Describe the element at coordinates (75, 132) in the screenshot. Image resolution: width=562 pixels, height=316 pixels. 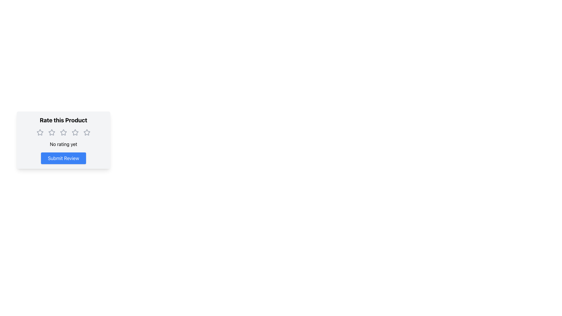
I see `the third star in the horizontal row of five stars` at that location.